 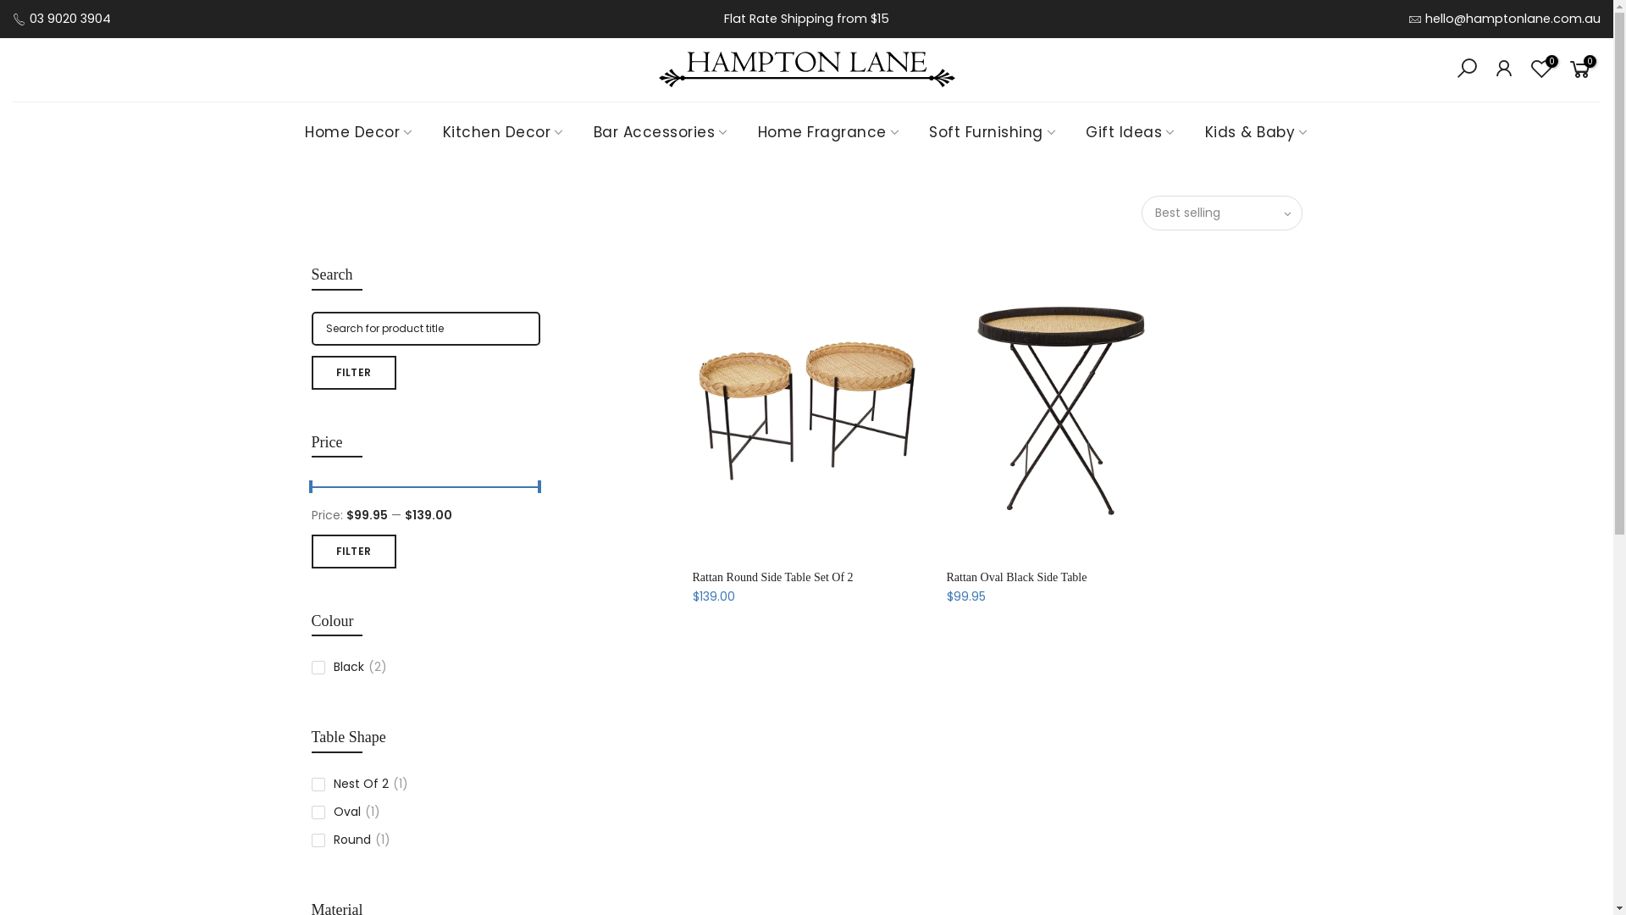 I want to click on 'Home Decor', so click(x=358, y=130).